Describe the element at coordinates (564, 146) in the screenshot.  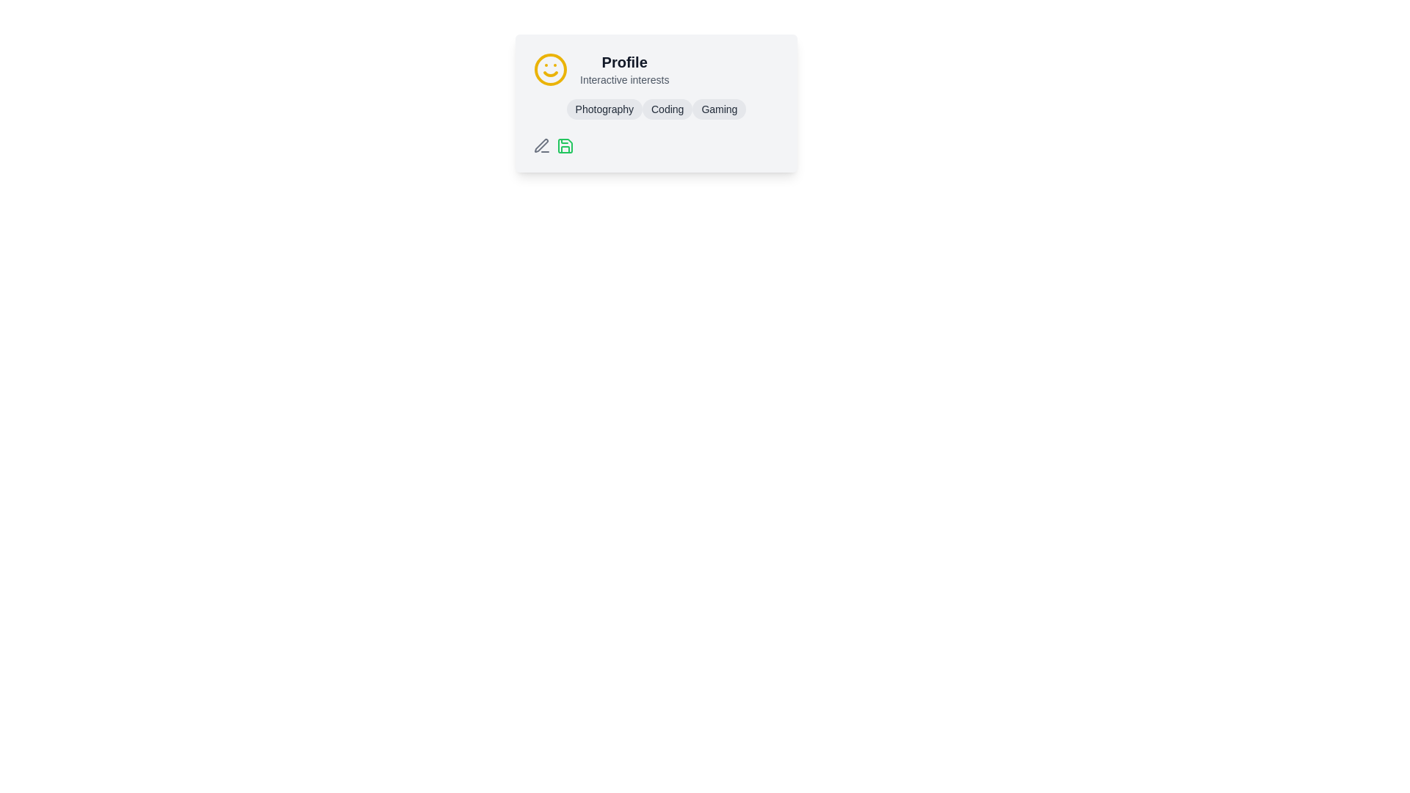
I see `the green save icon located in the lower-right corner of the profile card, adjacent to the pencil-edit icon` at that location.